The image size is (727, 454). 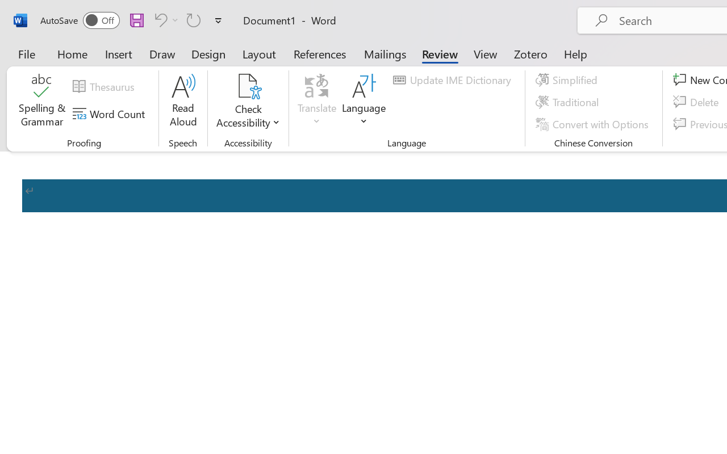 I want to click on 'Check Accessibility', so click(x=248, y=102).